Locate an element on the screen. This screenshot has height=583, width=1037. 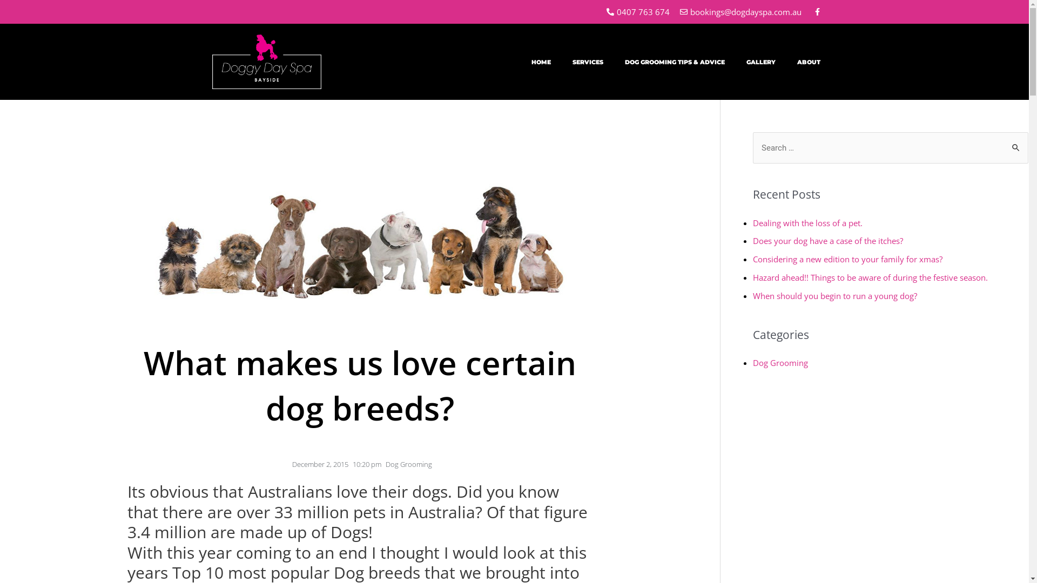
'bookings@dogdayspa.com.au' is located at coordinates (739, 12).